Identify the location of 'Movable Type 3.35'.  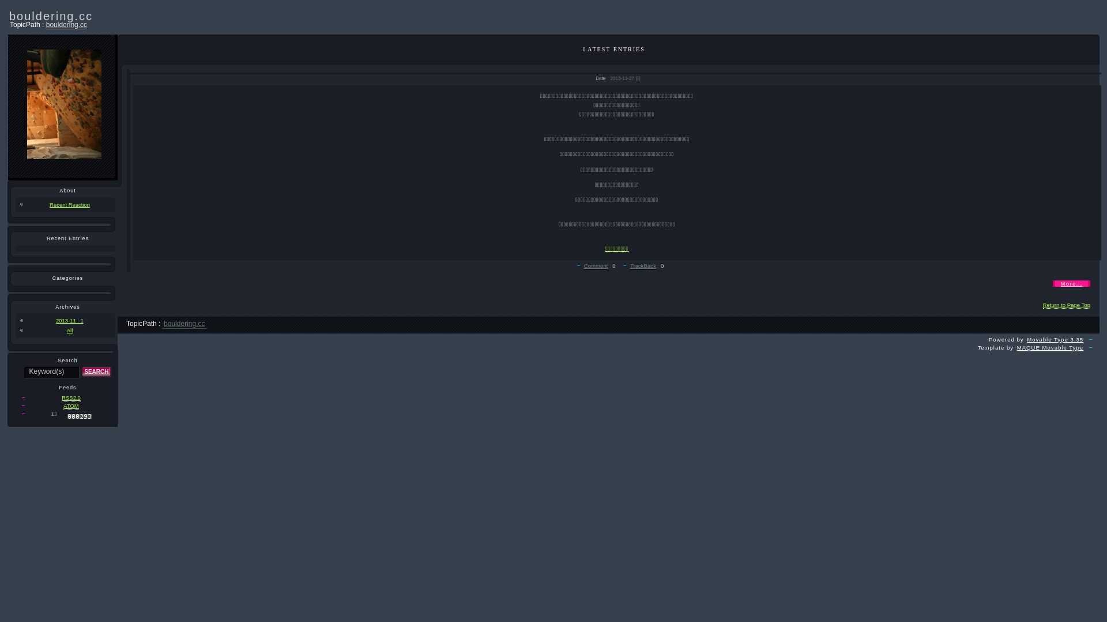
(1055, 339).